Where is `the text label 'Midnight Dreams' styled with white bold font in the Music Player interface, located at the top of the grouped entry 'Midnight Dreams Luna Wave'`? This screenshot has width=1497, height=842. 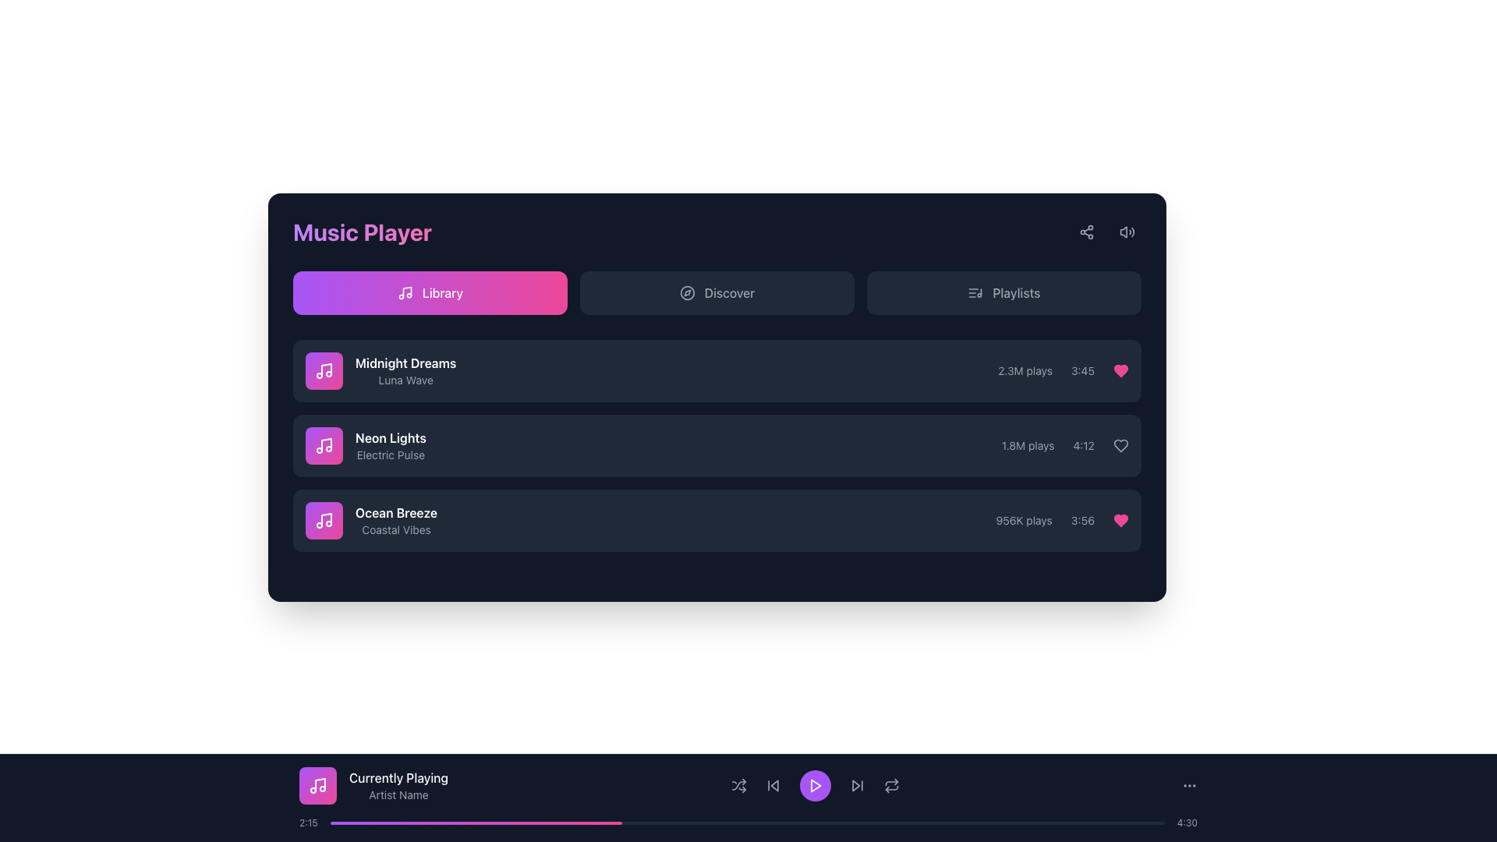 the text label 'Midnight Dreams' styled with white bold font in the Music Player interface, located at the top of the grouped entry 'Midnight Dreams Luna Wave' is located at coordinates (405, 363).